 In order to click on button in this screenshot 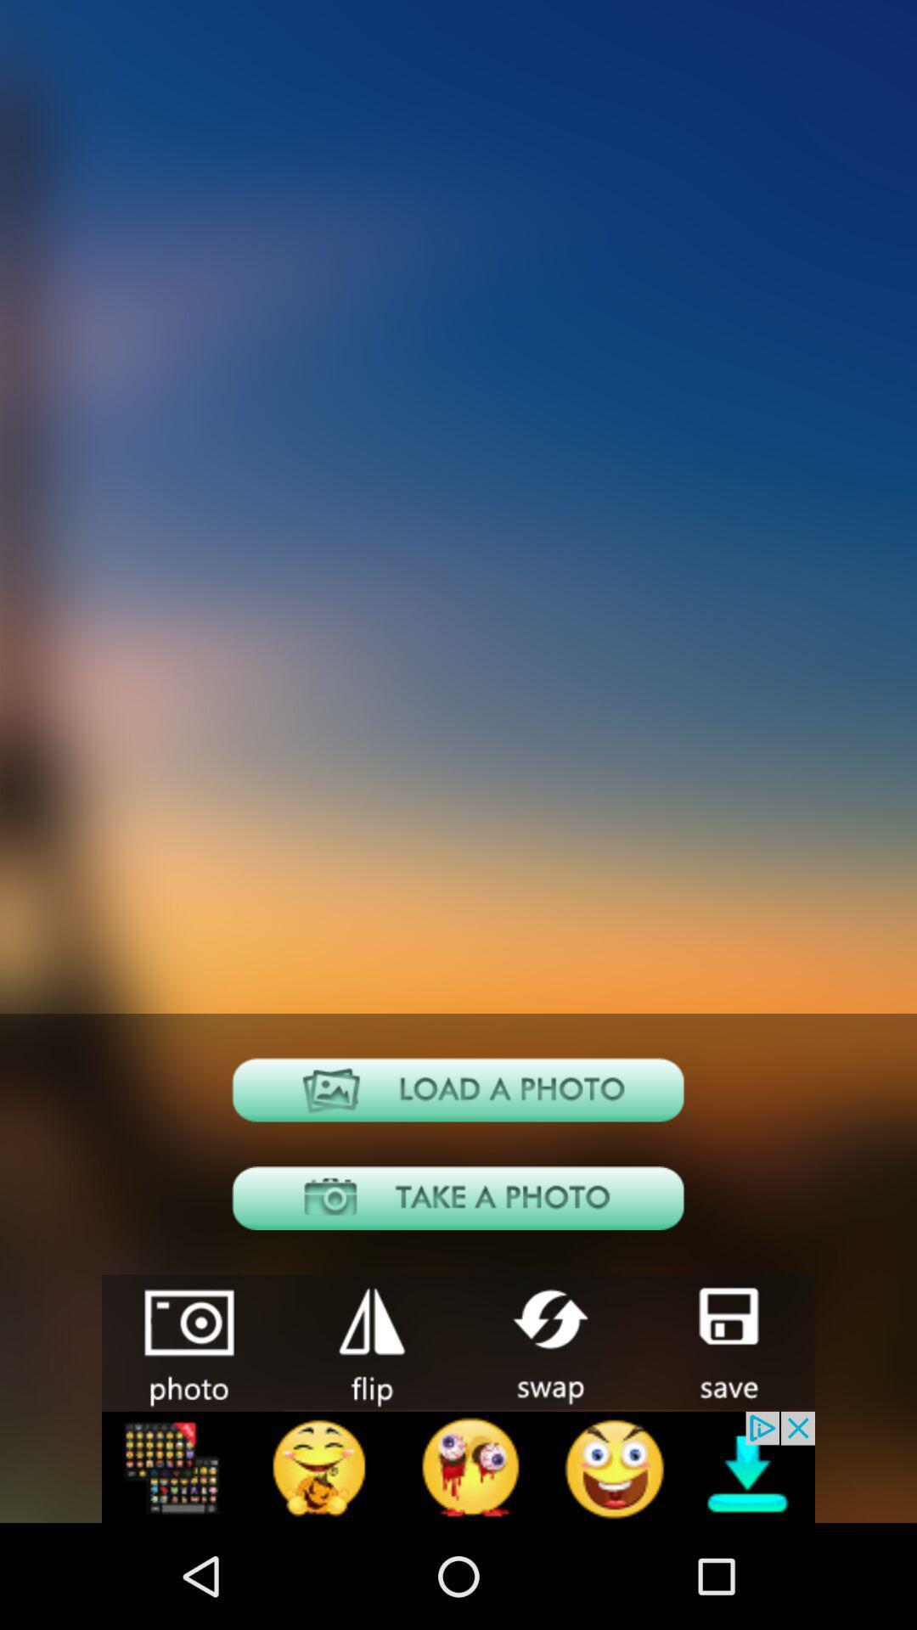, I will do `click(726, 1341)`.